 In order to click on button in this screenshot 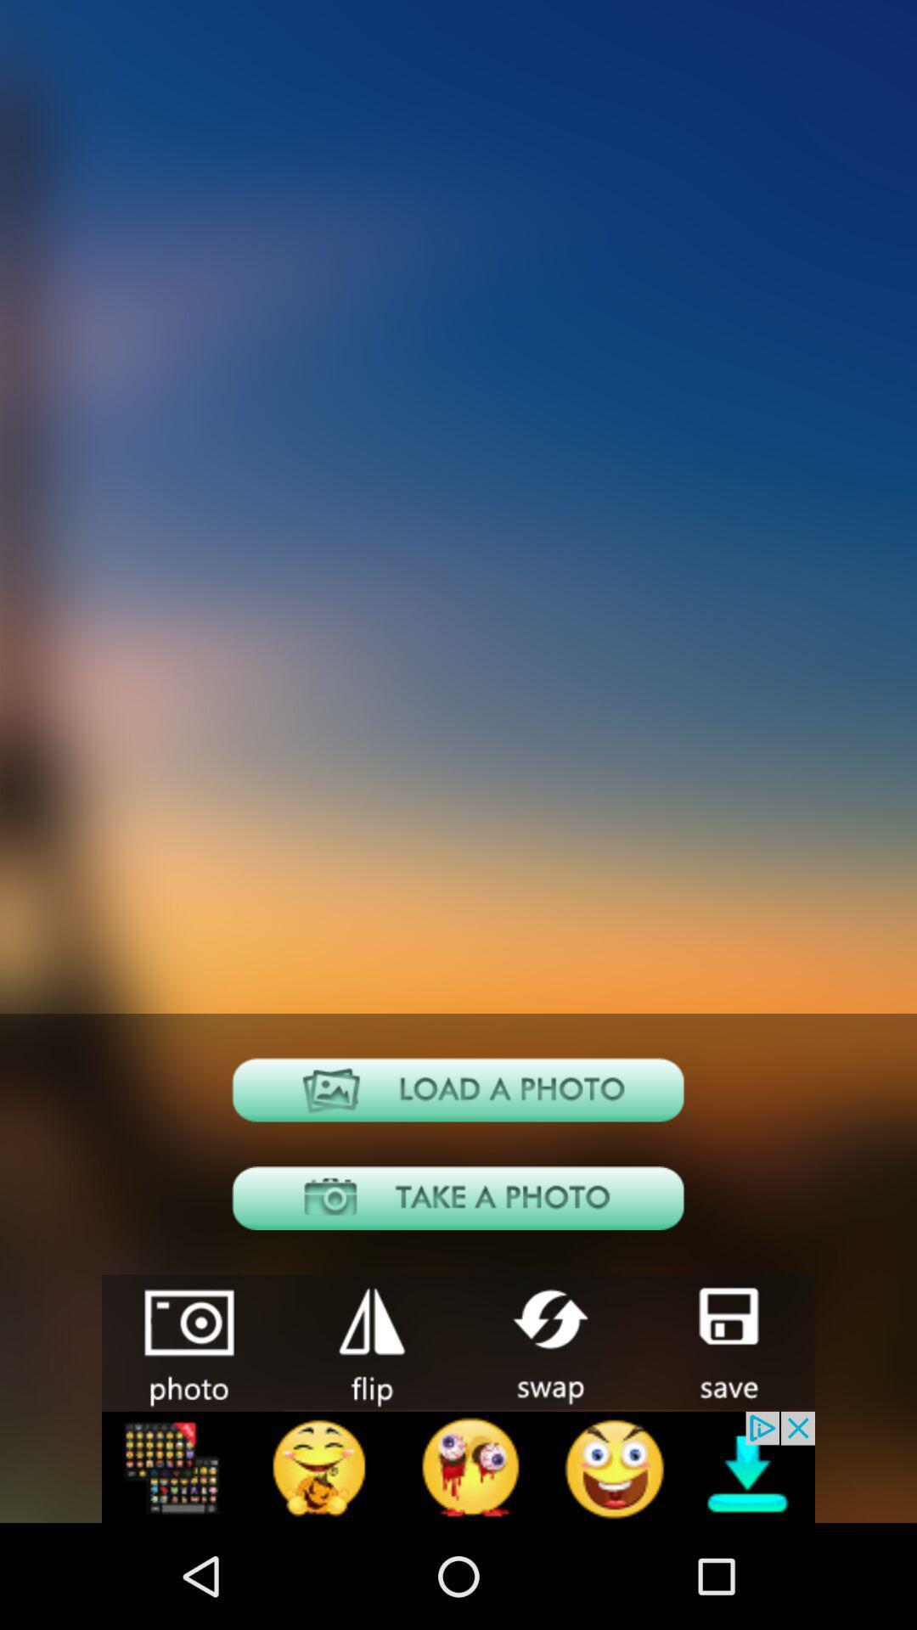, I will do `click(726, 1341)`.